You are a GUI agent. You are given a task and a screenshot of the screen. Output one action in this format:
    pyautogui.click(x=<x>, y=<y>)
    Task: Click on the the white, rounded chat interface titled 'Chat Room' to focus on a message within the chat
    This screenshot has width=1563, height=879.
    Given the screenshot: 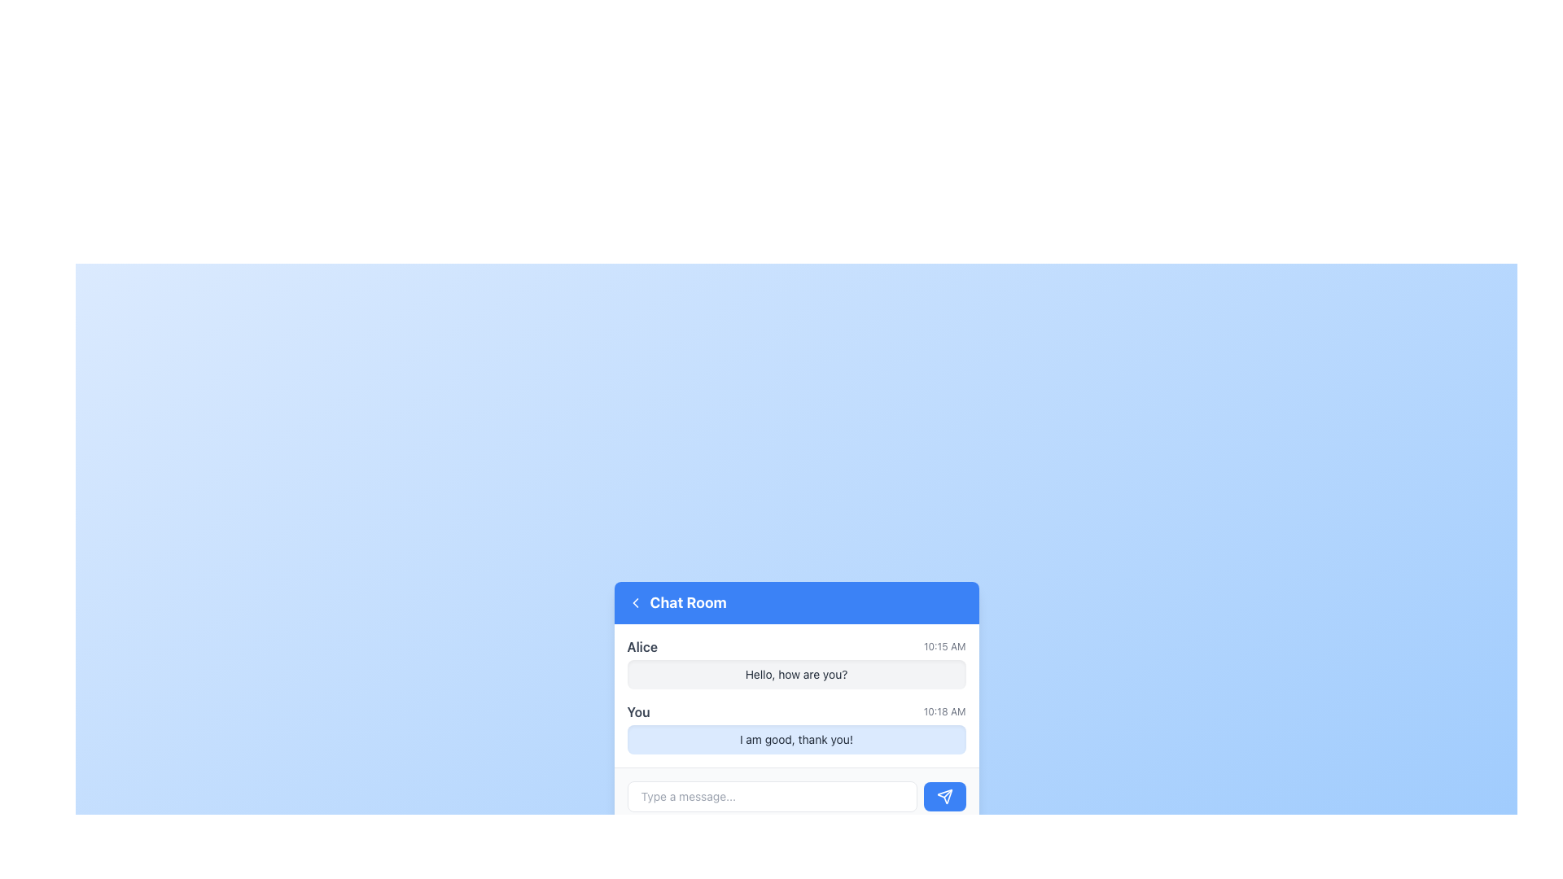 What is the action you would take?
    pyautogui.click(x=796, y=702)
    